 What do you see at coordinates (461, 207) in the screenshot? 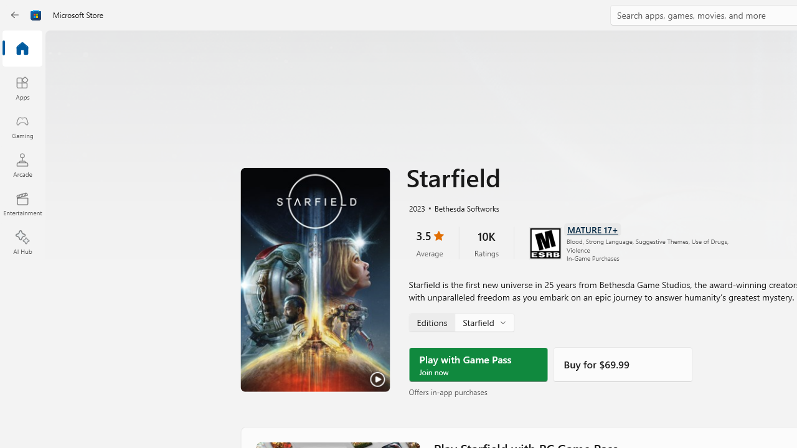
I see `'Bethesda Softworks'` at bounding box center [461, 207].